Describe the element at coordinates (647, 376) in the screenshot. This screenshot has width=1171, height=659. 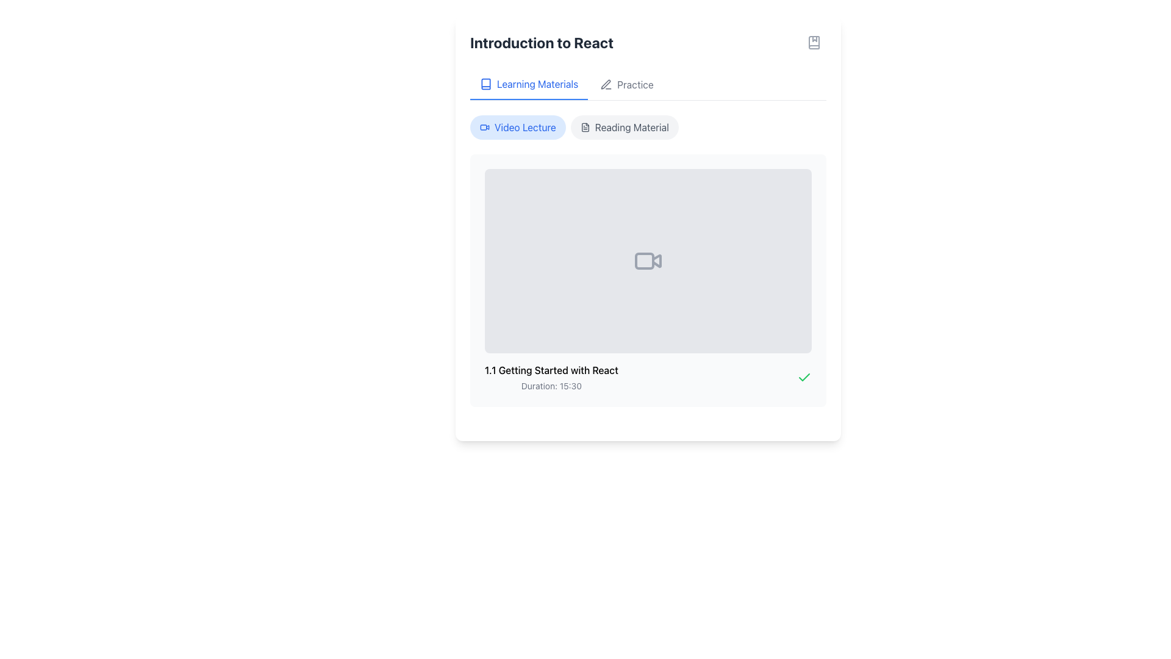
I see `the list item representing the lesson titled '1.1 Getting Started with React'` at that location.